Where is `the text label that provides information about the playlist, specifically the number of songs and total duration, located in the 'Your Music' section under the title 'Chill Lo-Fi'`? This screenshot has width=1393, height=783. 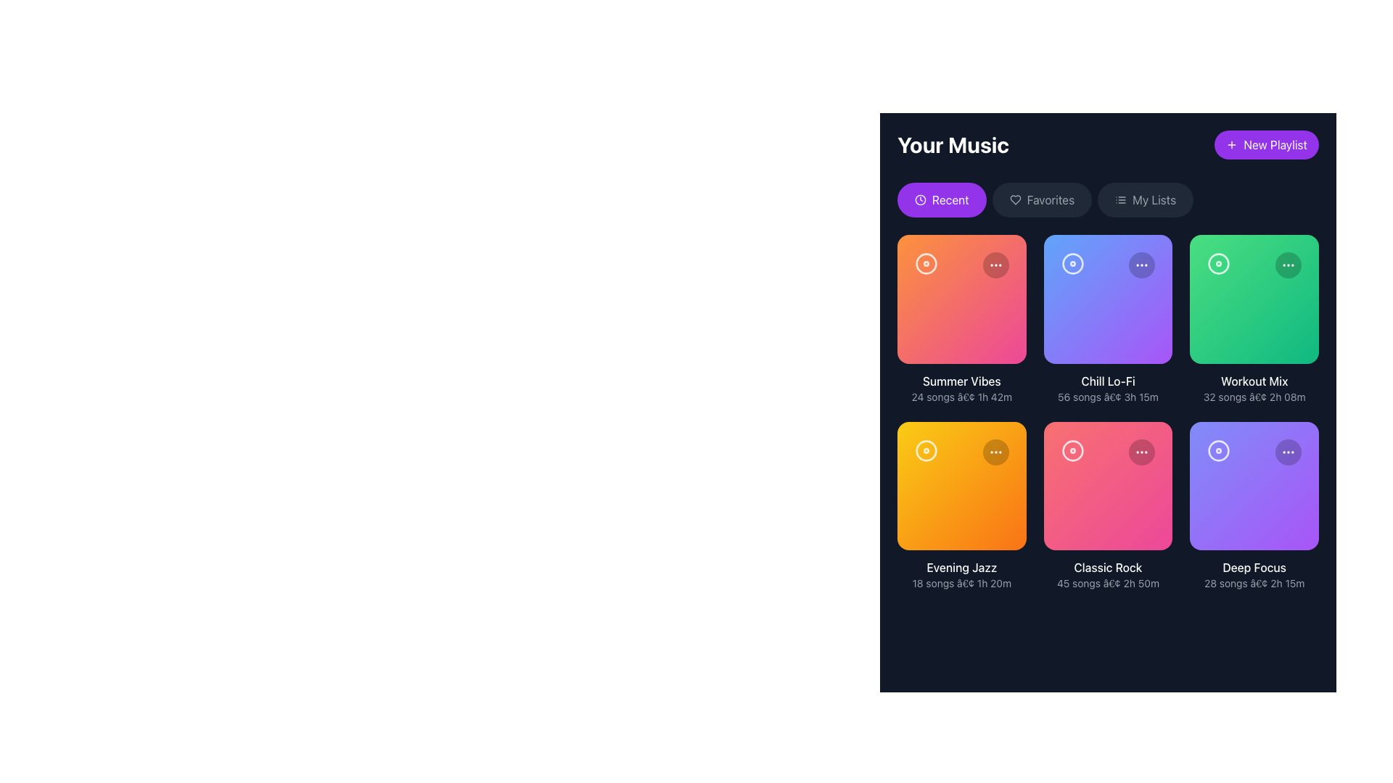 the text label that provides information about the playlist, specifically the number of songs and total duration, located in the 'Your Music' section under the title 'Chill Lo-Fi' is located at coordinates (1107, 397).